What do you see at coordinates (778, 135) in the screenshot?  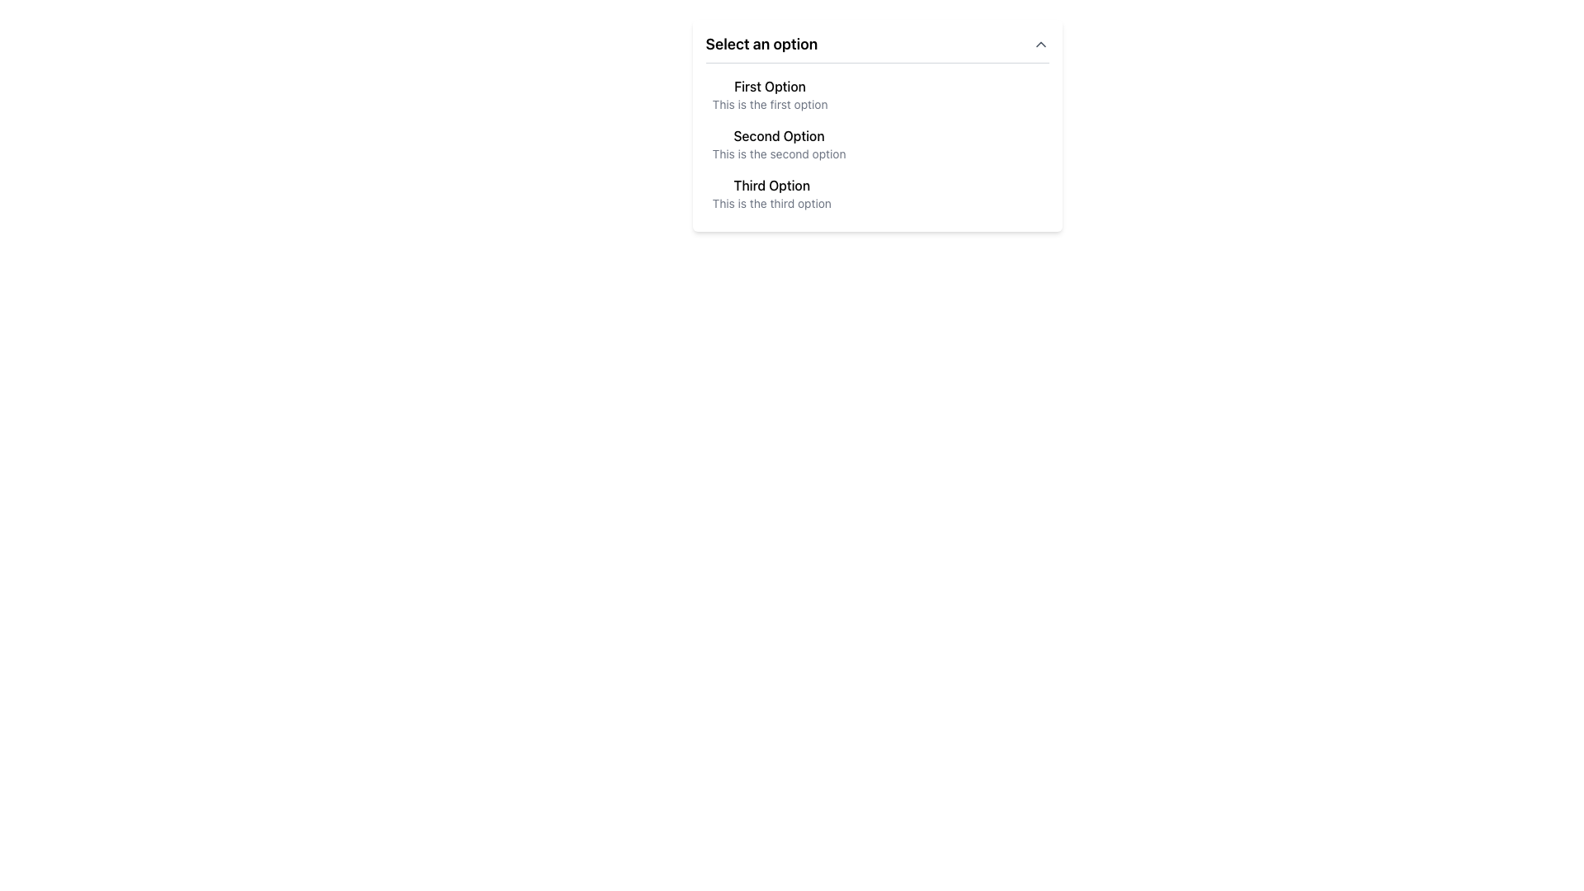 I see `the second selectable option in the dropdown menu to initiate selection` at bounding box center [778, 135].